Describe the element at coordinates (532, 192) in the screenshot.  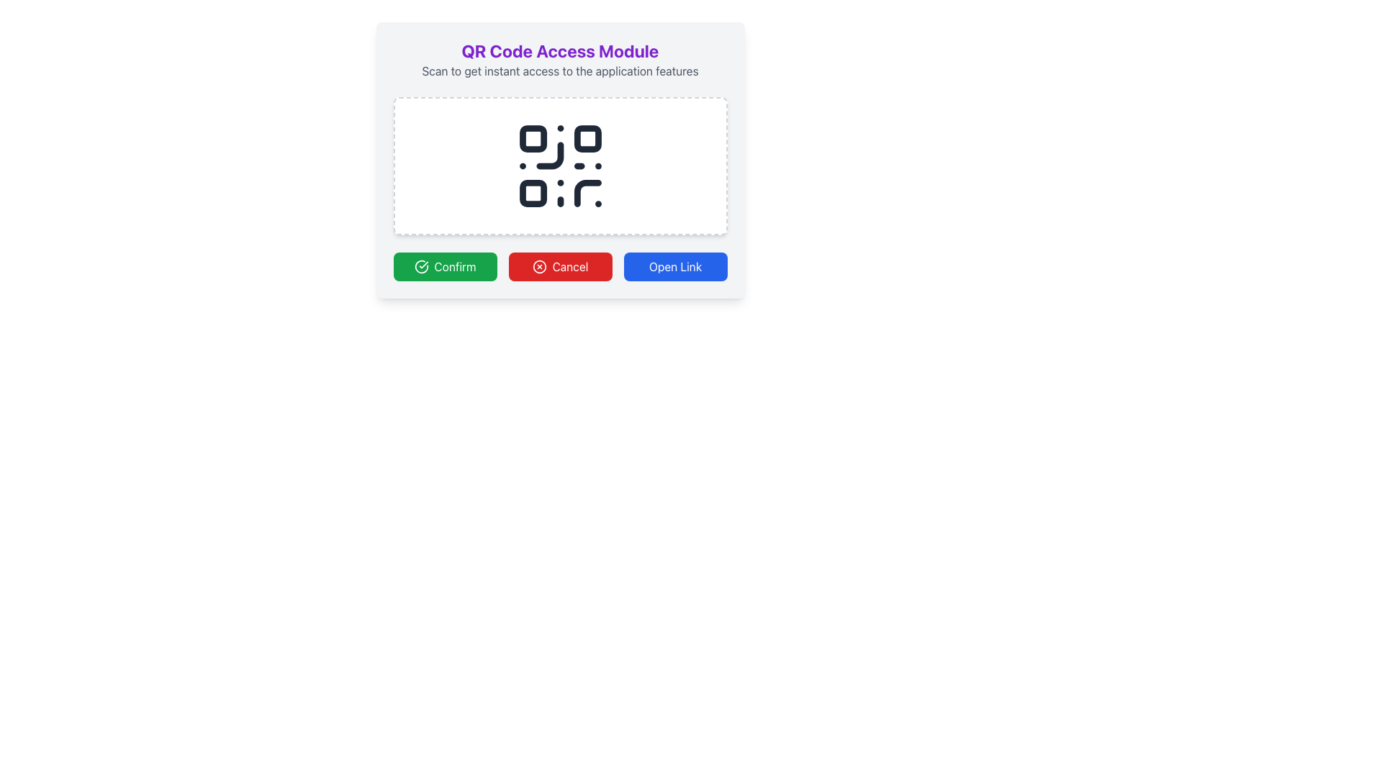
I see `the small black square with rounded corners located in the bottom-left corner of the central group of elements within the QR code` at that location.